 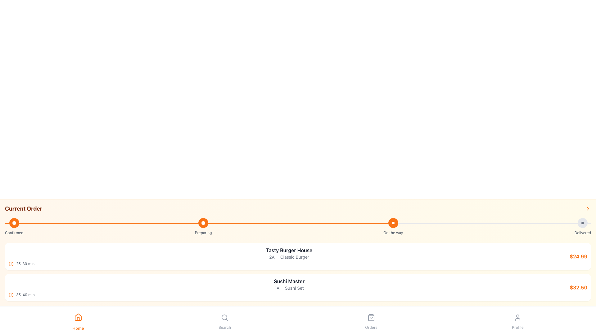 I want to click on the 'Orders' text label, which is a small gray font element located in the bottom navigation area of the application, between 'Search' and 'Profile', so click(x=371, y=327).